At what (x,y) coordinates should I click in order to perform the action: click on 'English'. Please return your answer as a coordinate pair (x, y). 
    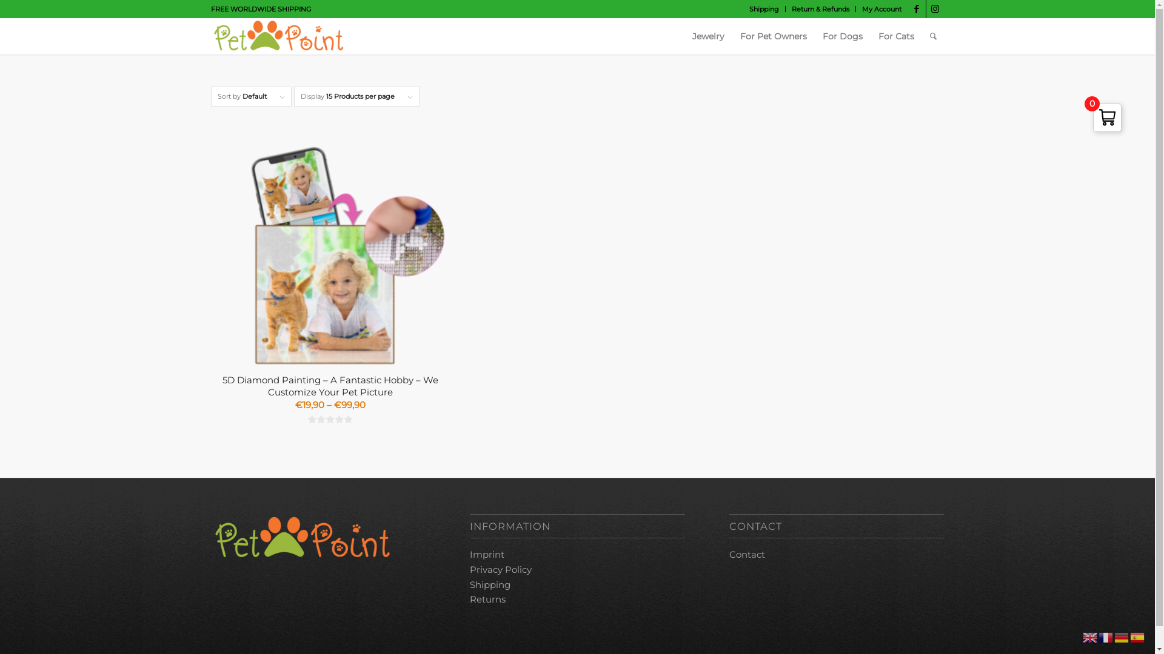
    Looking at the image, I should click on (1091, 636).